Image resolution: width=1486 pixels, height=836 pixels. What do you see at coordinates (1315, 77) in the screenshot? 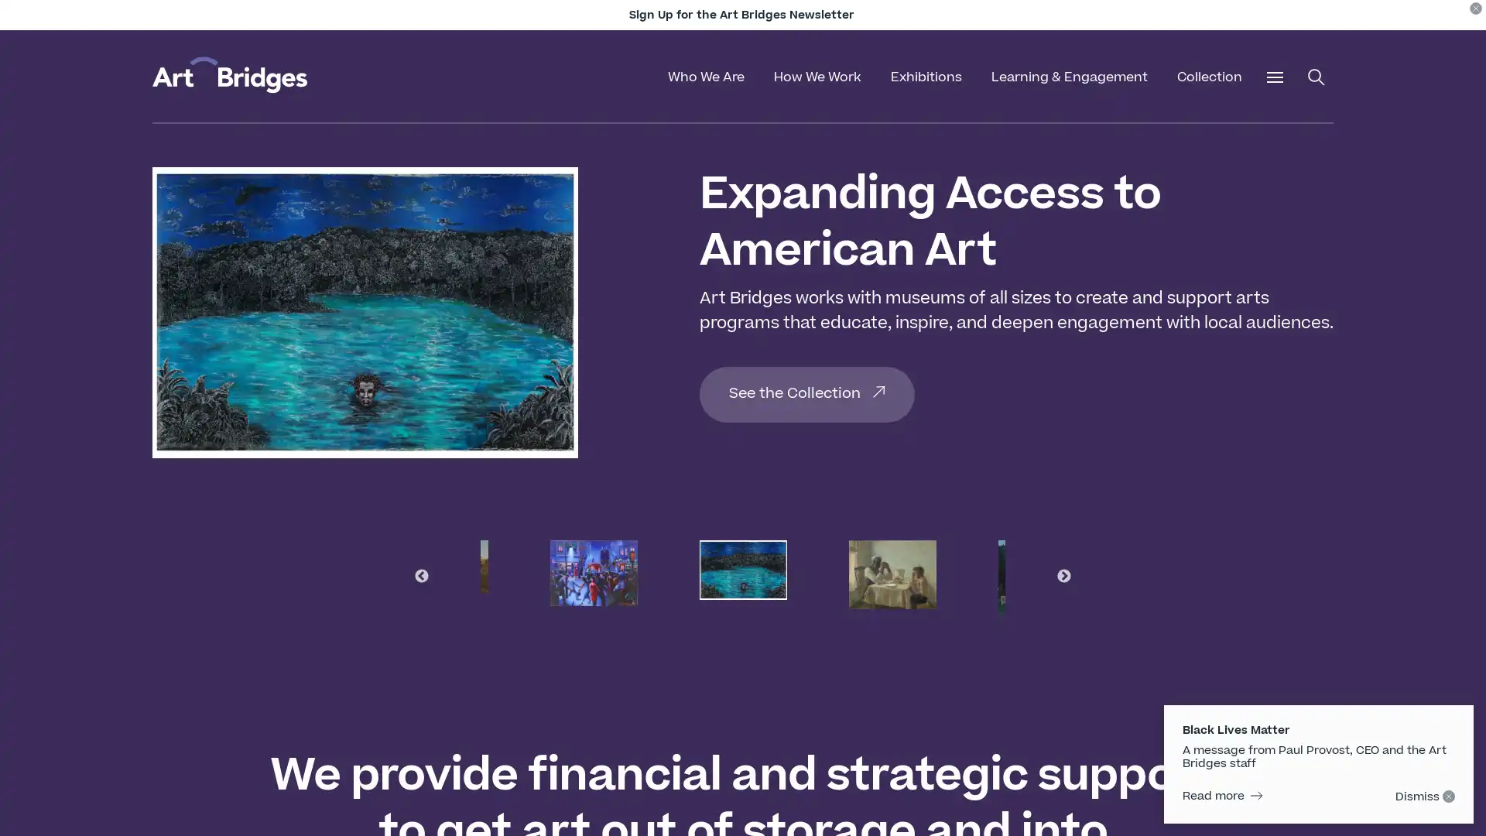
I see `Open Search Menu` at bounding box center [1315, 77].